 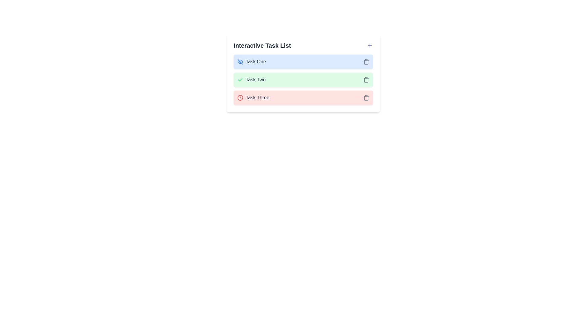 What do you see at coordinates (256, 61) in the screenshot?
I see `the text element displaying 'Task One', which is bold and gray, located in the top section of the 'Interactive Task List'` at bounding box center [256, 61].